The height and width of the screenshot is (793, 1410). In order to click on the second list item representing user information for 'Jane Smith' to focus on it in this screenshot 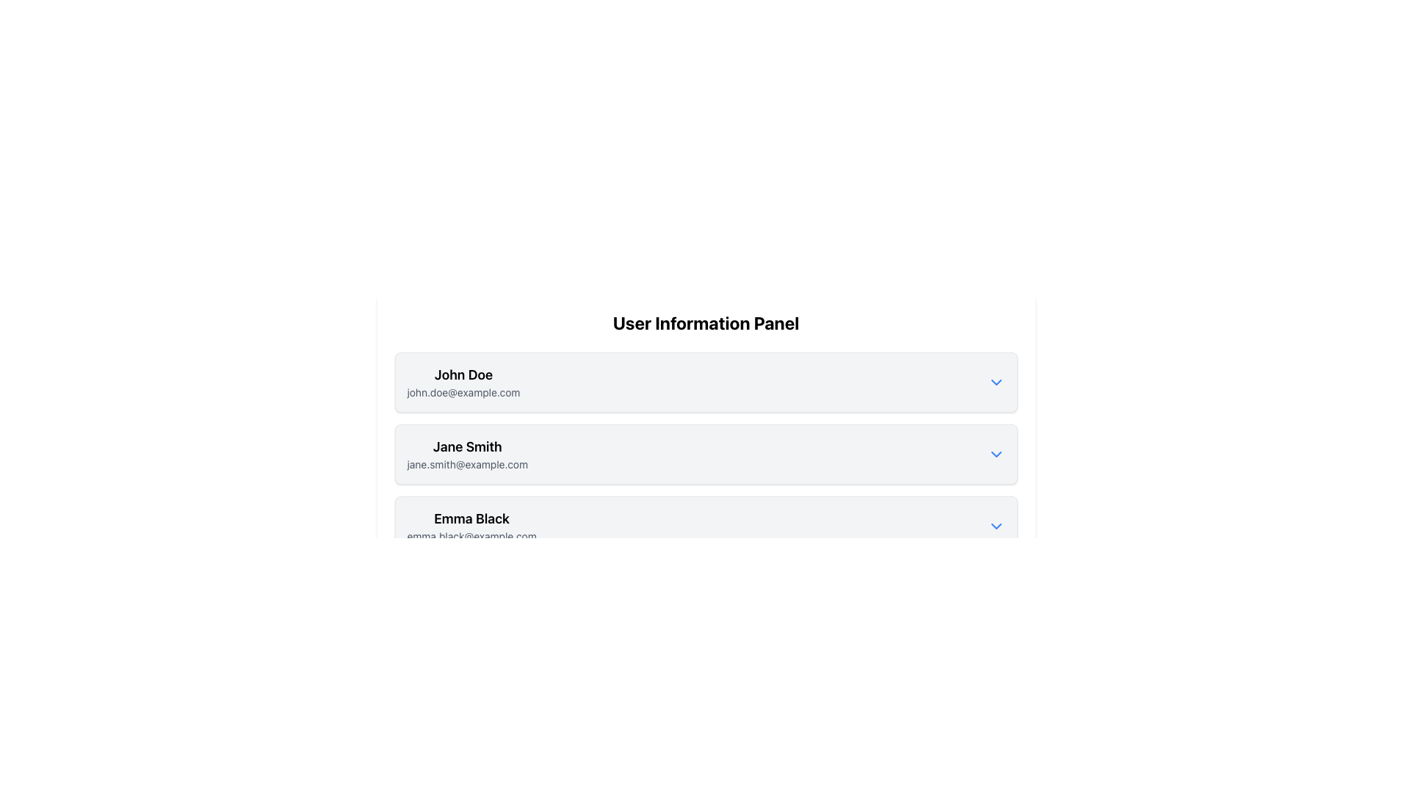, I will do `click(706, 453)`.